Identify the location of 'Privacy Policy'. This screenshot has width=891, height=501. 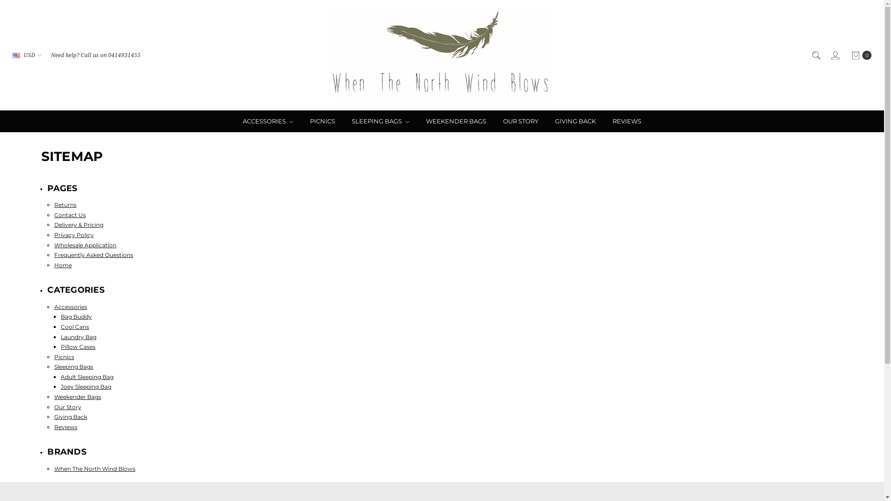
(73, 234).